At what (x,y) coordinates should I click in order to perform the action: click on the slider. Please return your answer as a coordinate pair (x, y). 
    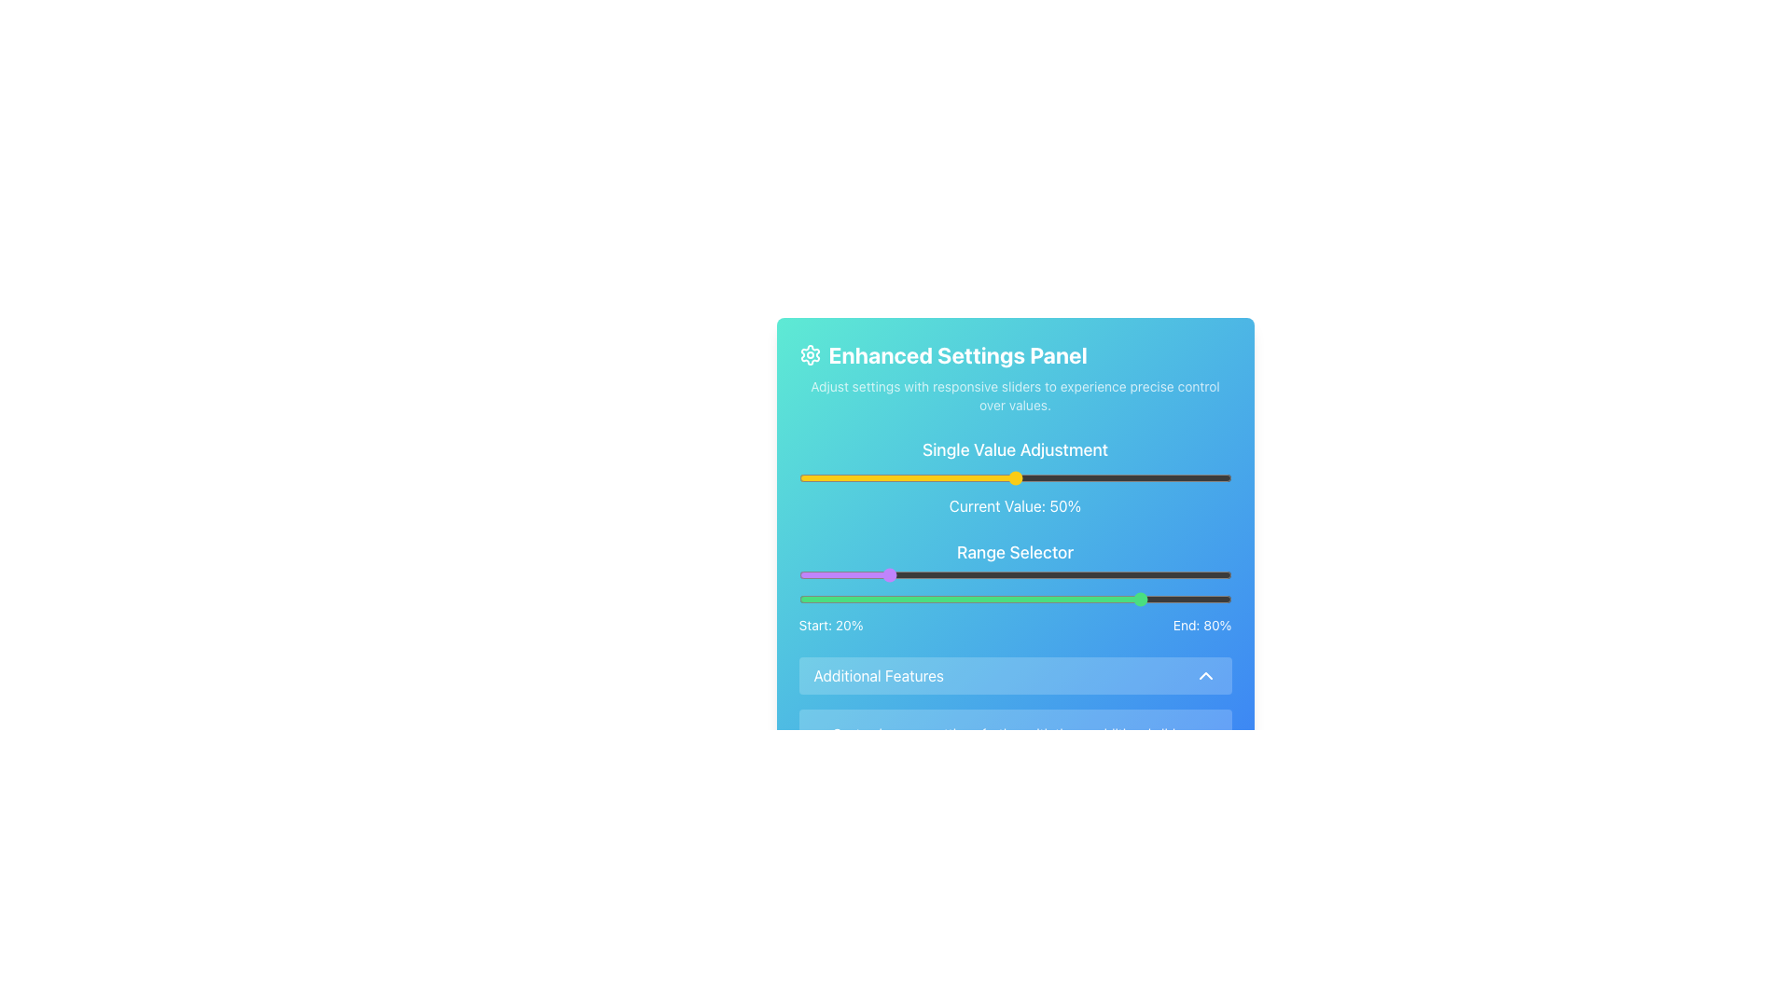
    Looking at the image, I should click on (812, 477).